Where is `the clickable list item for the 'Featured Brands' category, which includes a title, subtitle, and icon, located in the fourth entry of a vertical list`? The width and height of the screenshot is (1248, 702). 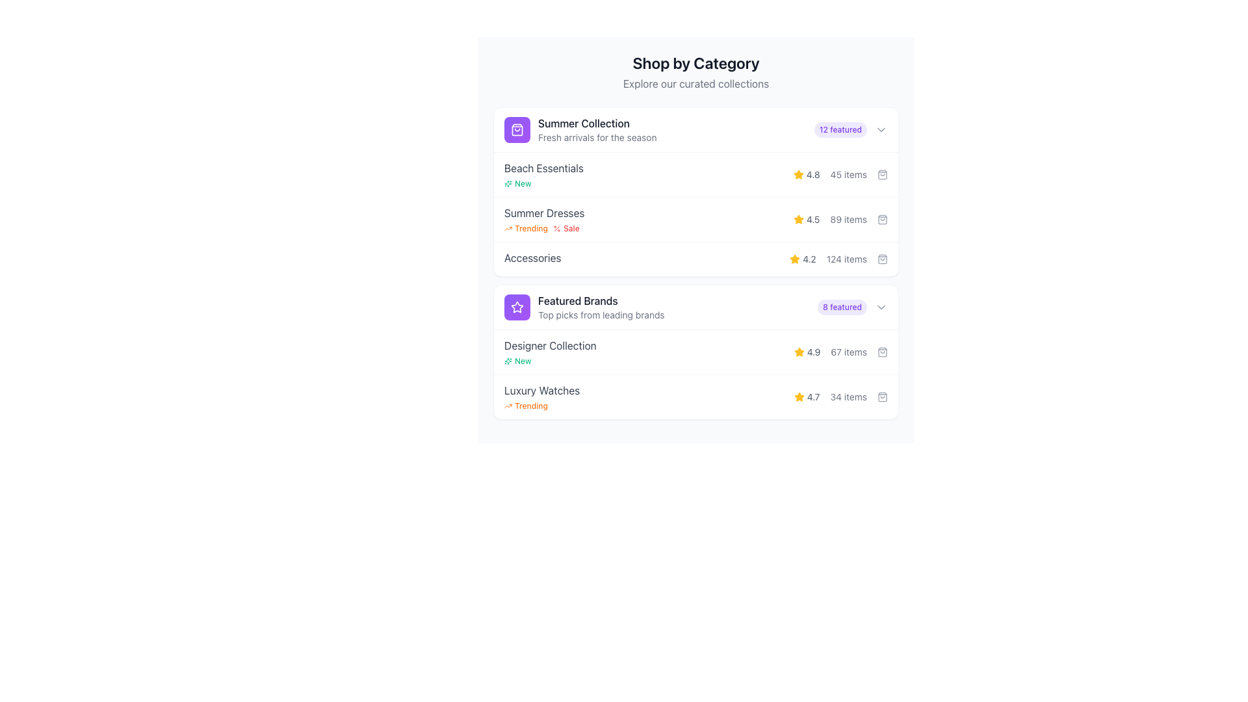
the clickable list item for the 'Featured Brands' category, which includes a title, subtitle, and icon, located in the fourth entry of a vertical list is located at coordinates (584, 307).